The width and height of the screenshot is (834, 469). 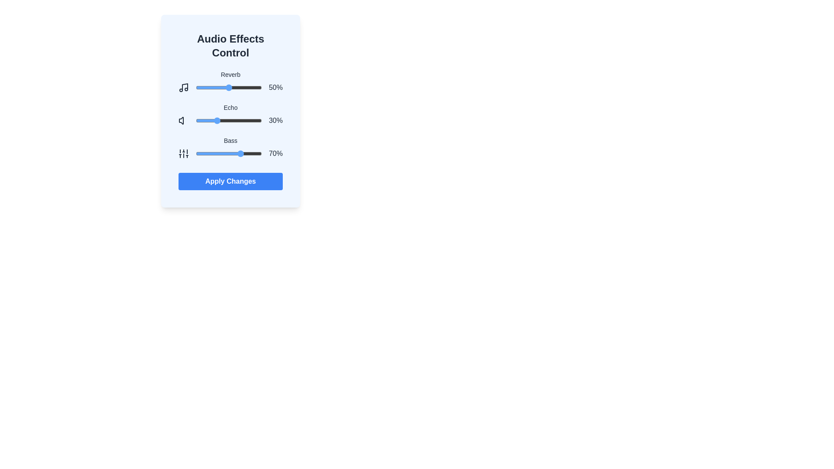 I want to click on the reverb effect, so click(x=199, y=87).